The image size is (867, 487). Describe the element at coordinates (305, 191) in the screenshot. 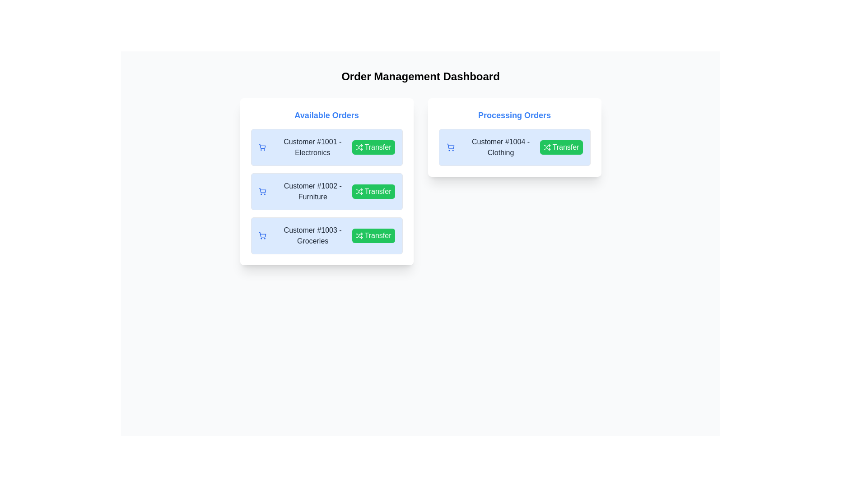

I see `Text and icon display component that provides information about the furniture order for Customer #1002, located in the 'Available Orders' section` at that location.